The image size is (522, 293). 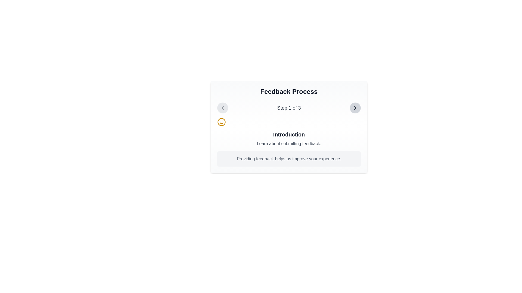 What do you see at coordinates (355, 108) in the screenshot?
I see `the rightward-pointing chevron icon, which is styled as a thin black outline on a transparent background` at bounding box center [355, 108].